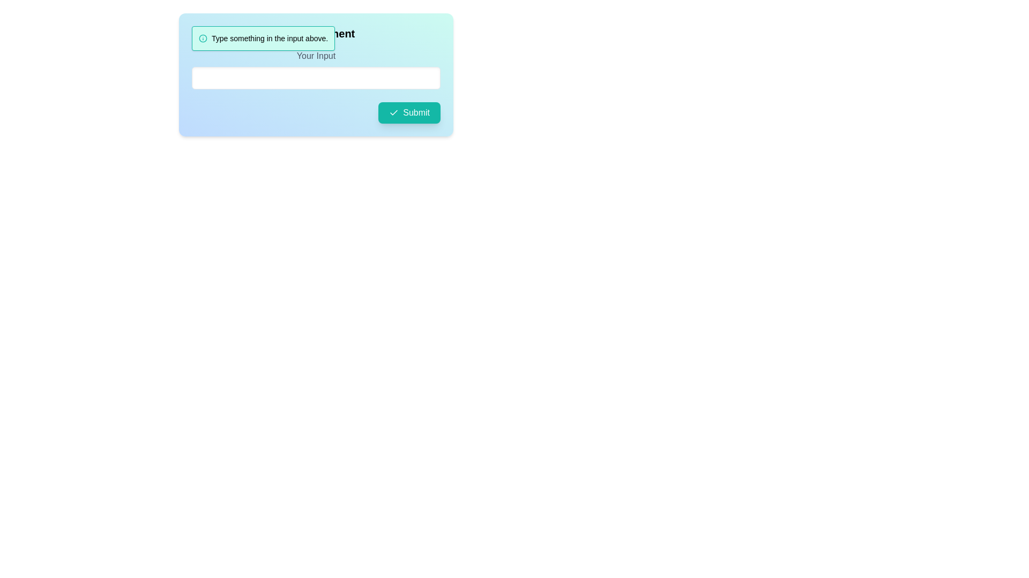 This screenshot has width=1029, height=578. What do you see at coordinates (198, 33) in the screenshot?
I see `the gray gear-shaped icon, which represents the settings symbol, located in the upper-left corner of the 'Interactive Form Component' text box` at bounding box center [198, 33].